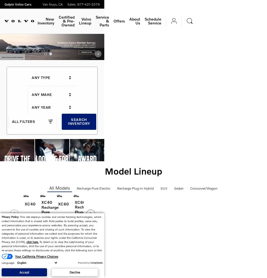 Image resolution: width=267 pixels, height=278 pixels. What do you see at coordinates (61, 4) in the screenshot?
I see `'CA'` at bounding box center [61, 4].